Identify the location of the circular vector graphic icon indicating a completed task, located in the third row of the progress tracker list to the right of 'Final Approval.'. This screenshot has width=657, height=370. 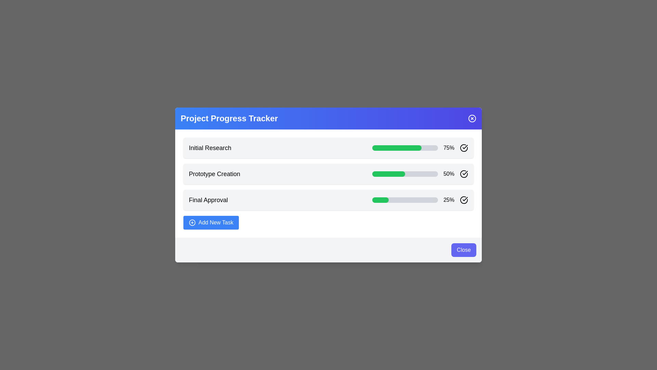
(464, 174).